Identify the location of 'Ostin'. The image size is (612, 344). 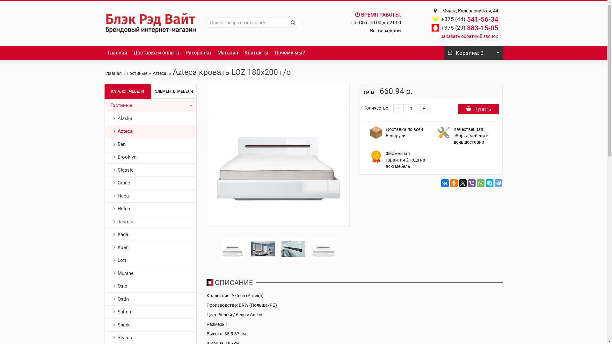
(150, 299).